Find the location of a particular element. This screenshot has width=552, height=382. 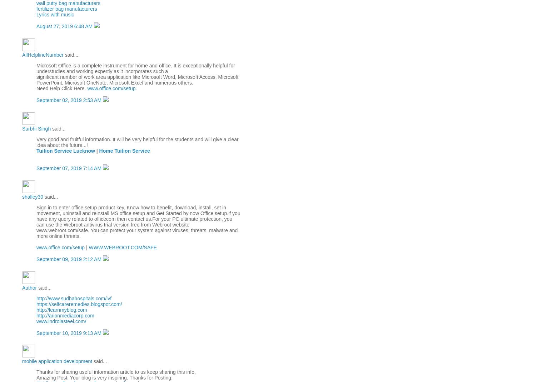

'Need Help Click Here.' is located at coordinates (36, 88).